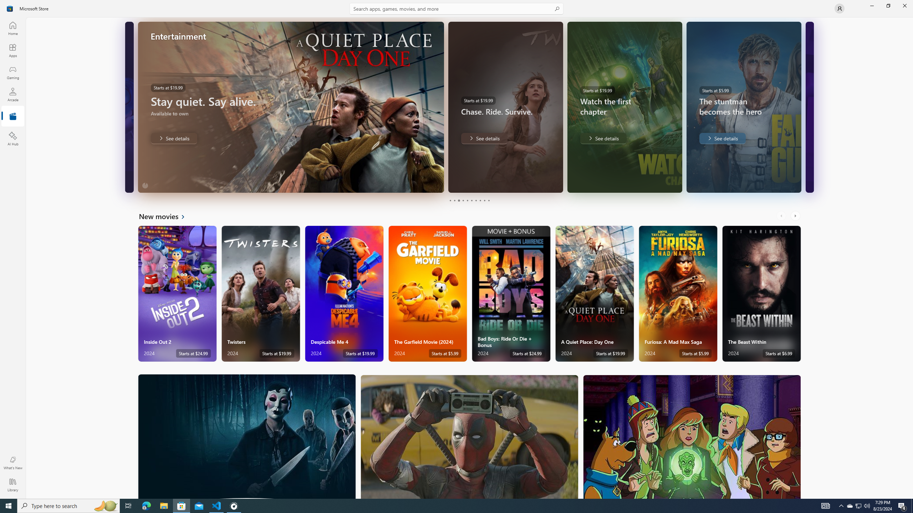  What do you see at coordinates (10, 8) in the screenshot?
I see `'Class: Image'` at bounding box center [10, 8].